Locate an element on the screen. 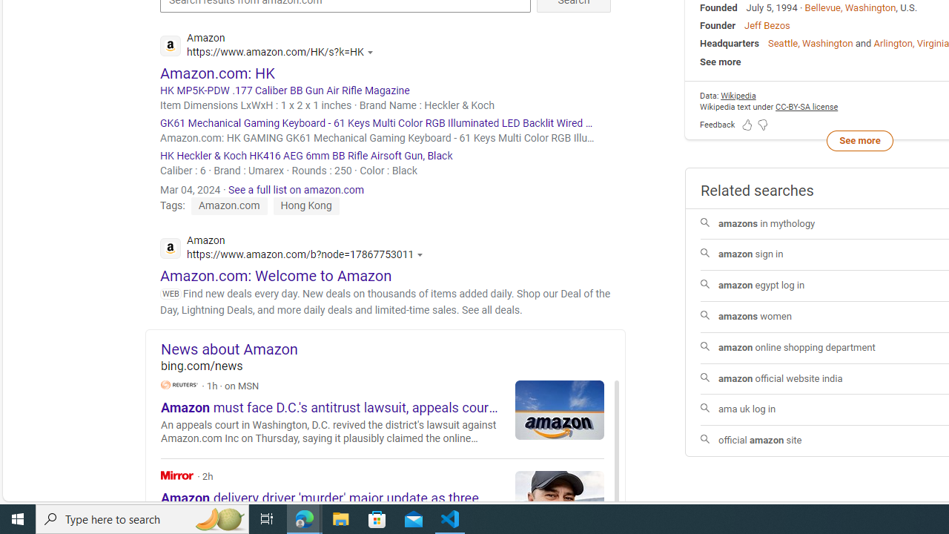 The height and width of the screenshot is (534, 949). 'See a full list on amazon.com' is located at coordinates (297, 188).